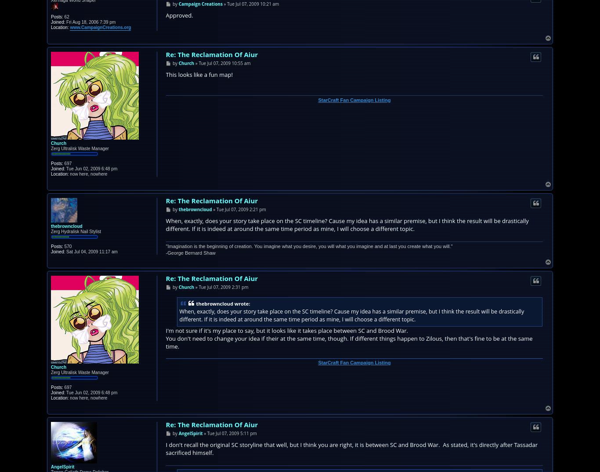 Image resolution: width=600 pixels, height=472 pixels. What do you see at coordinates (65, 16) in the screenshot?
I see `'62'` at bounding box center [65, 16].